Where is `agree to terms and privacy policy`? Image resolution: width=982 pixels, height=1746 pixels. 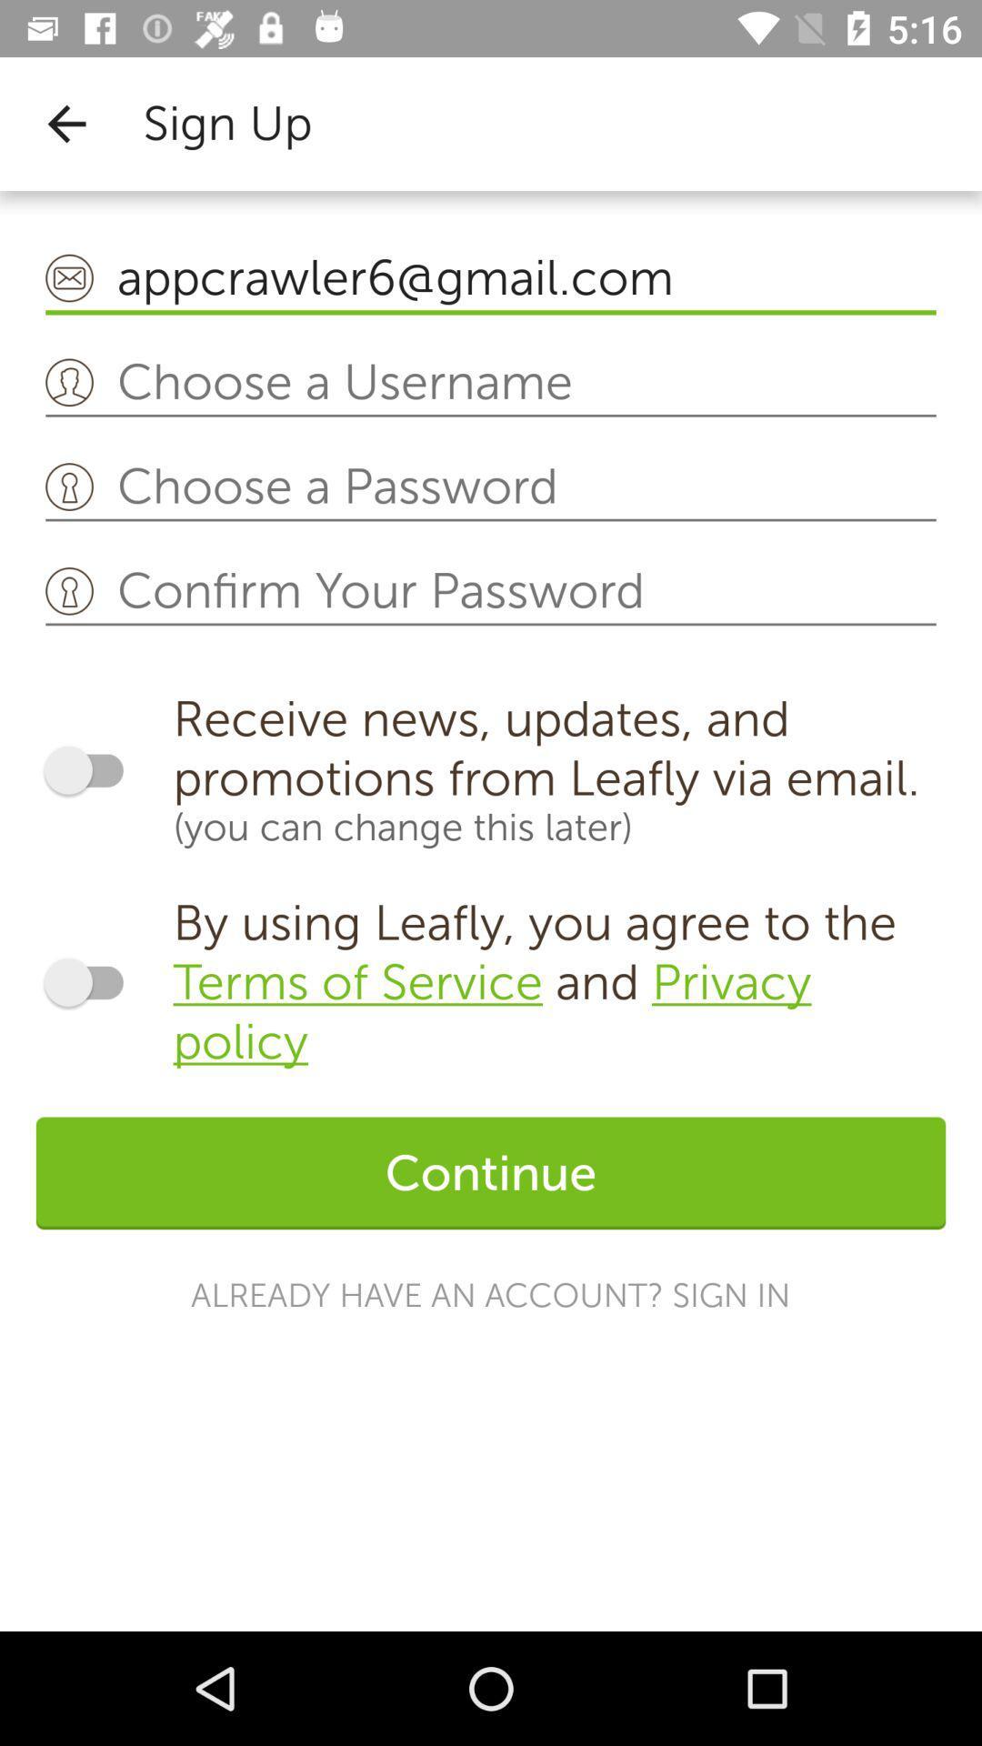
agree to terms and privacy policy is located at coordinates (92, 981).